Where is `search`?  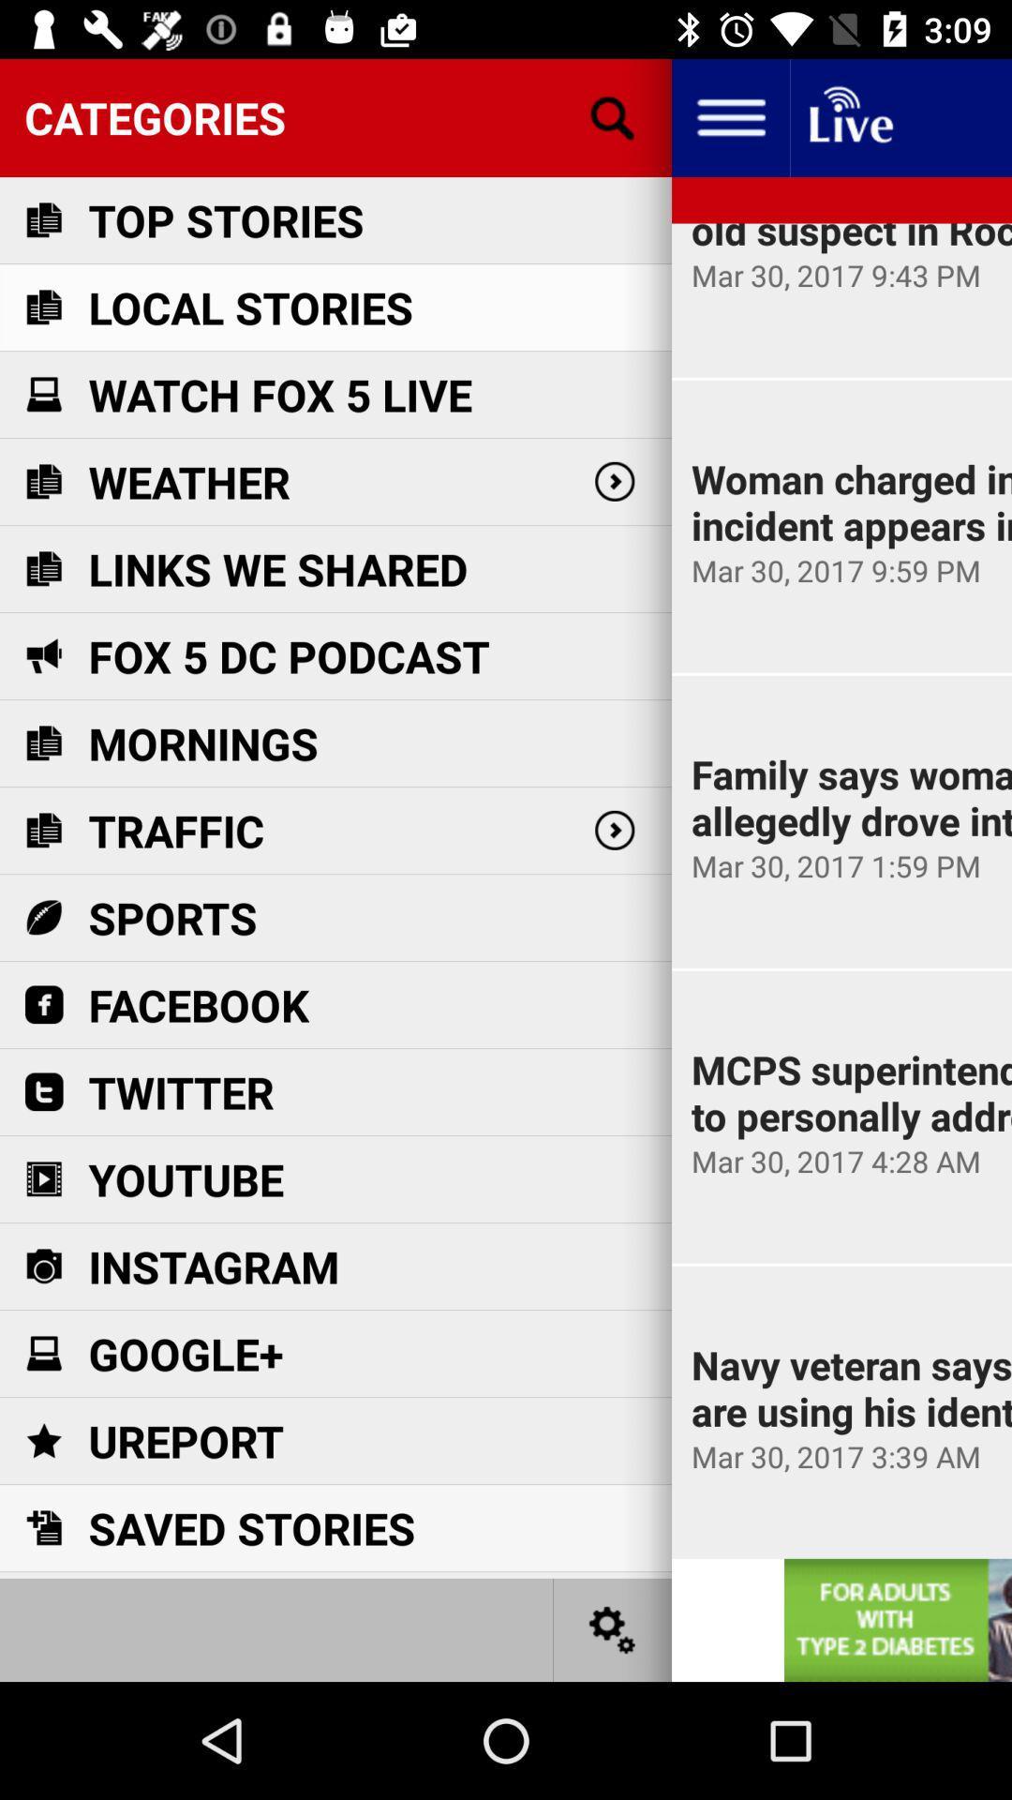
search is located at coordinates (613, 116).